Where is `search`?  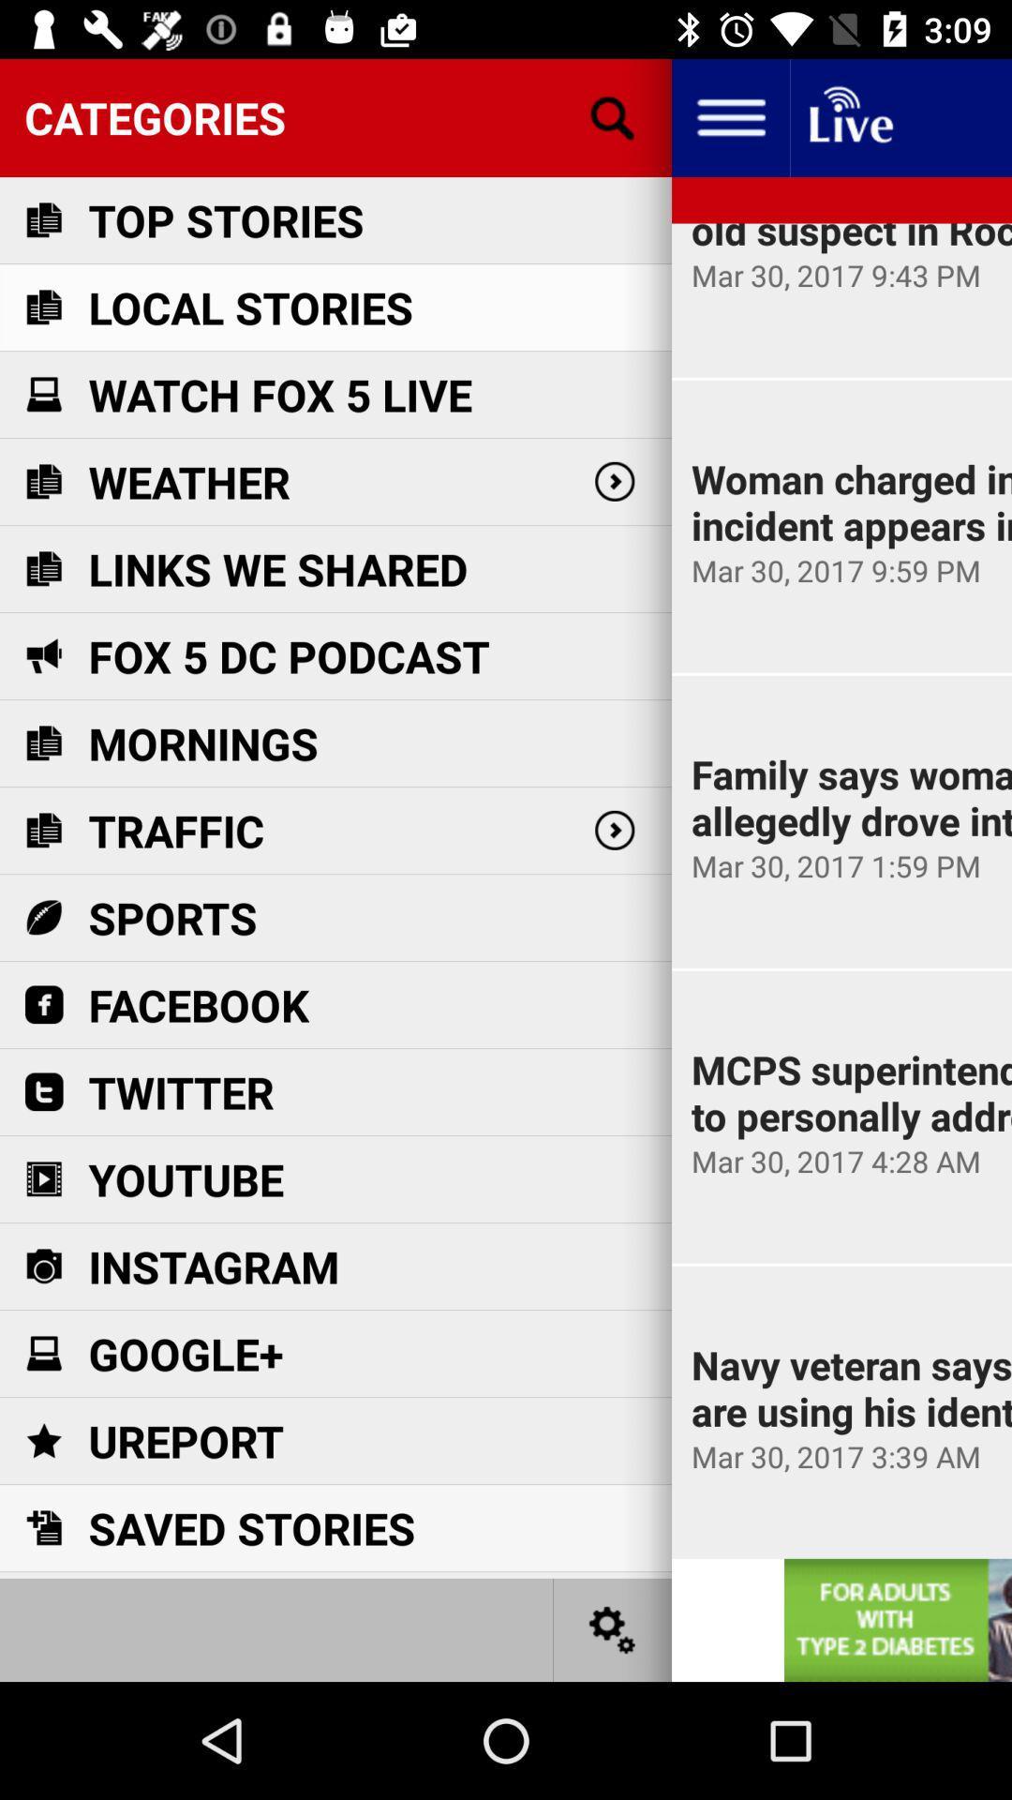
search is located at coordinates (613, 116).